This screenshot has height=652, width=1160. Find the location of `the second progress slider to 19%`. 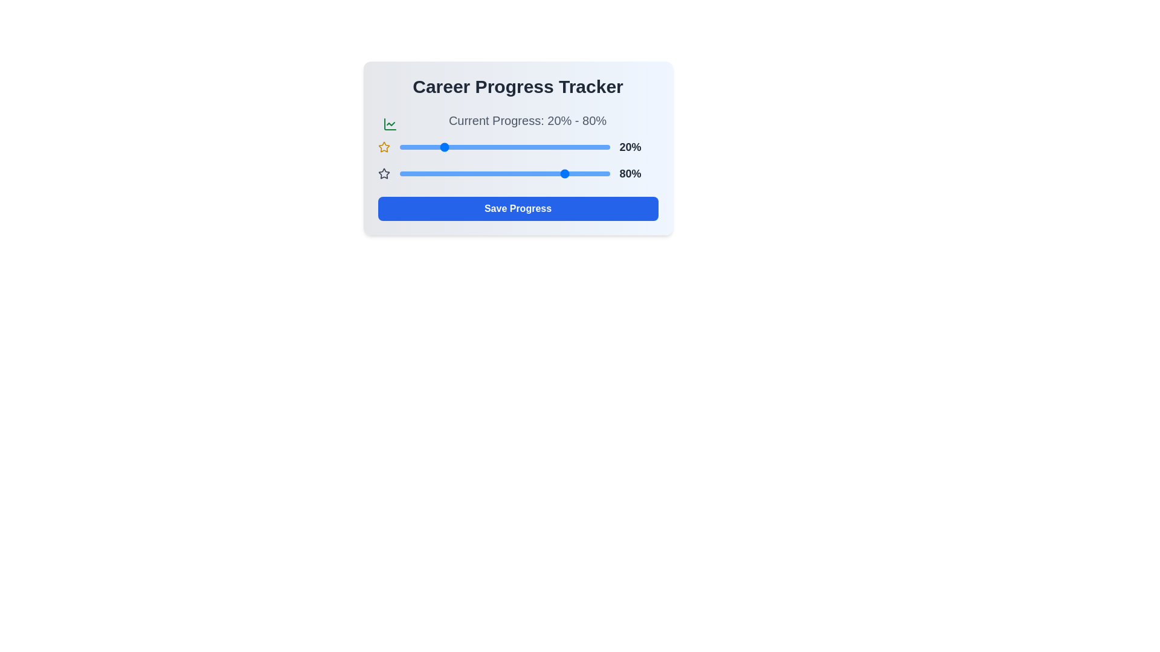

the second progress slider to 19% is located at coordinates (439, 174).